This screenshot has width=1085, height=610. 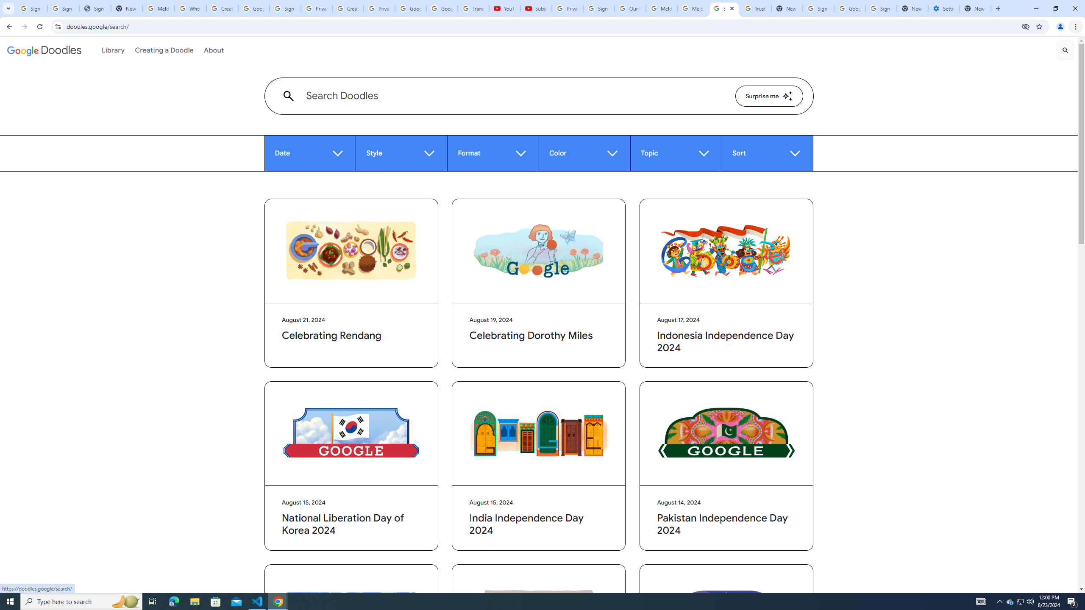 What do you see at coordinates (767, 153) in the screenshot?
I see `'Sort'` at bounding box center [767, 153].